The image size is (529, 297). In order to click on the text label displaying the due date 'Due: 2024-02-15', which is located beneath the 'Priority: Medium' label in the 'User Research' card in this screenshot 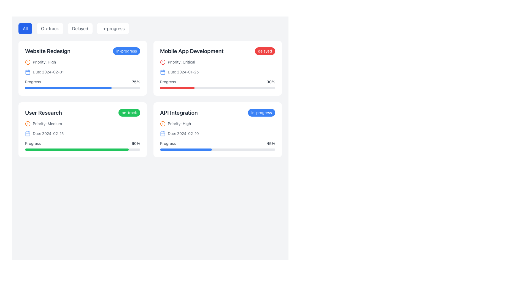, I will do `click(48, 134)`.